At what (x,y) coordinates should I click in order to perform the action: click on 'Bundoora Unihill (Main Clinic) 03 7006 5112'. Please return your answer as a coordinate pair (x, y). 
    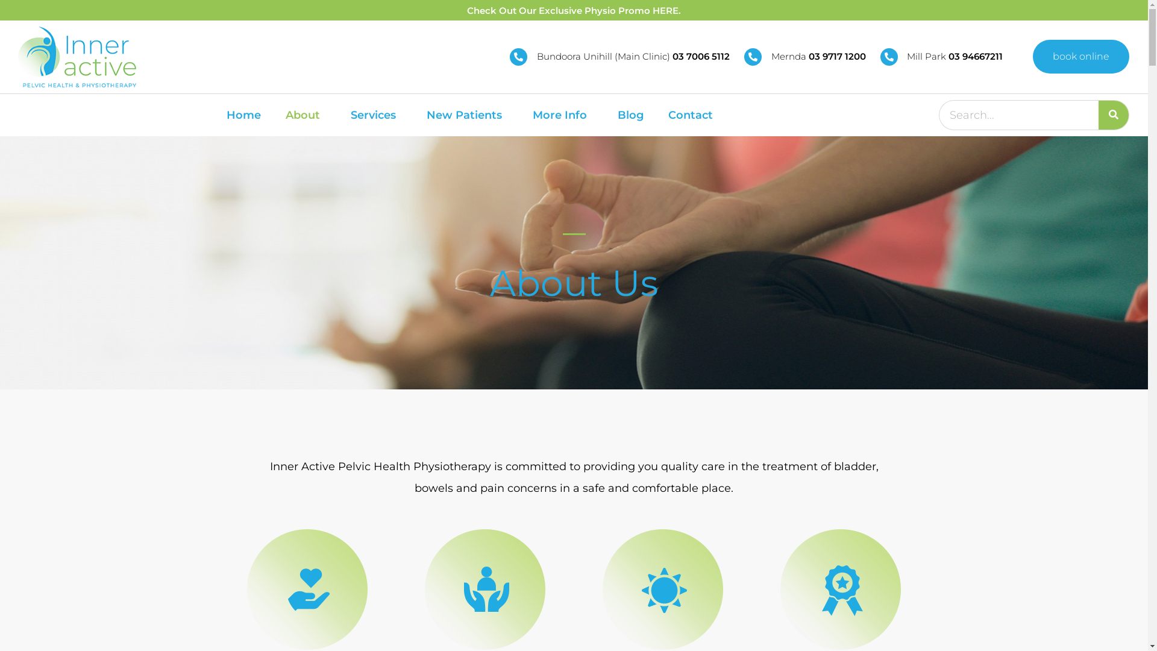
    Looking at the image, I should click on (619, 57).